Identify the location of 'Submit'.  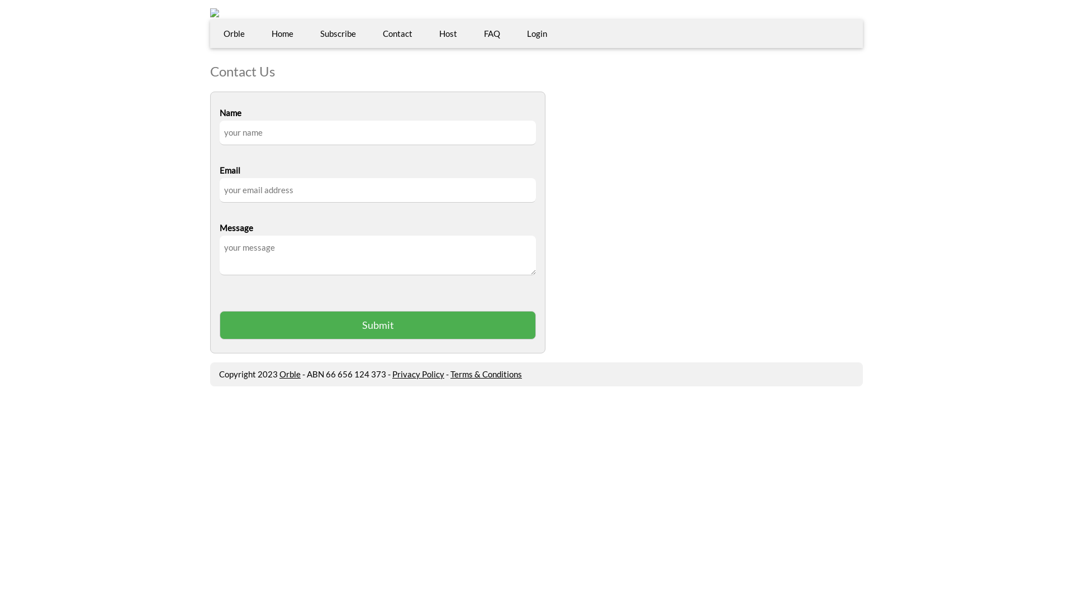
(378, 325).